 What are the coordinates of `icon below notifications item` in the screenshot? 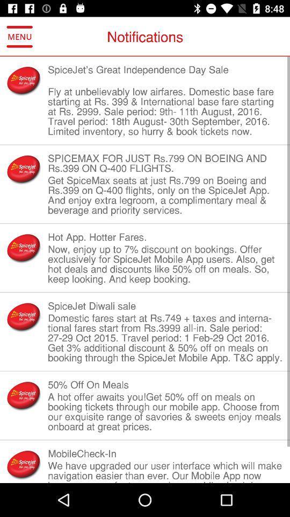 It's located at (165, 74).